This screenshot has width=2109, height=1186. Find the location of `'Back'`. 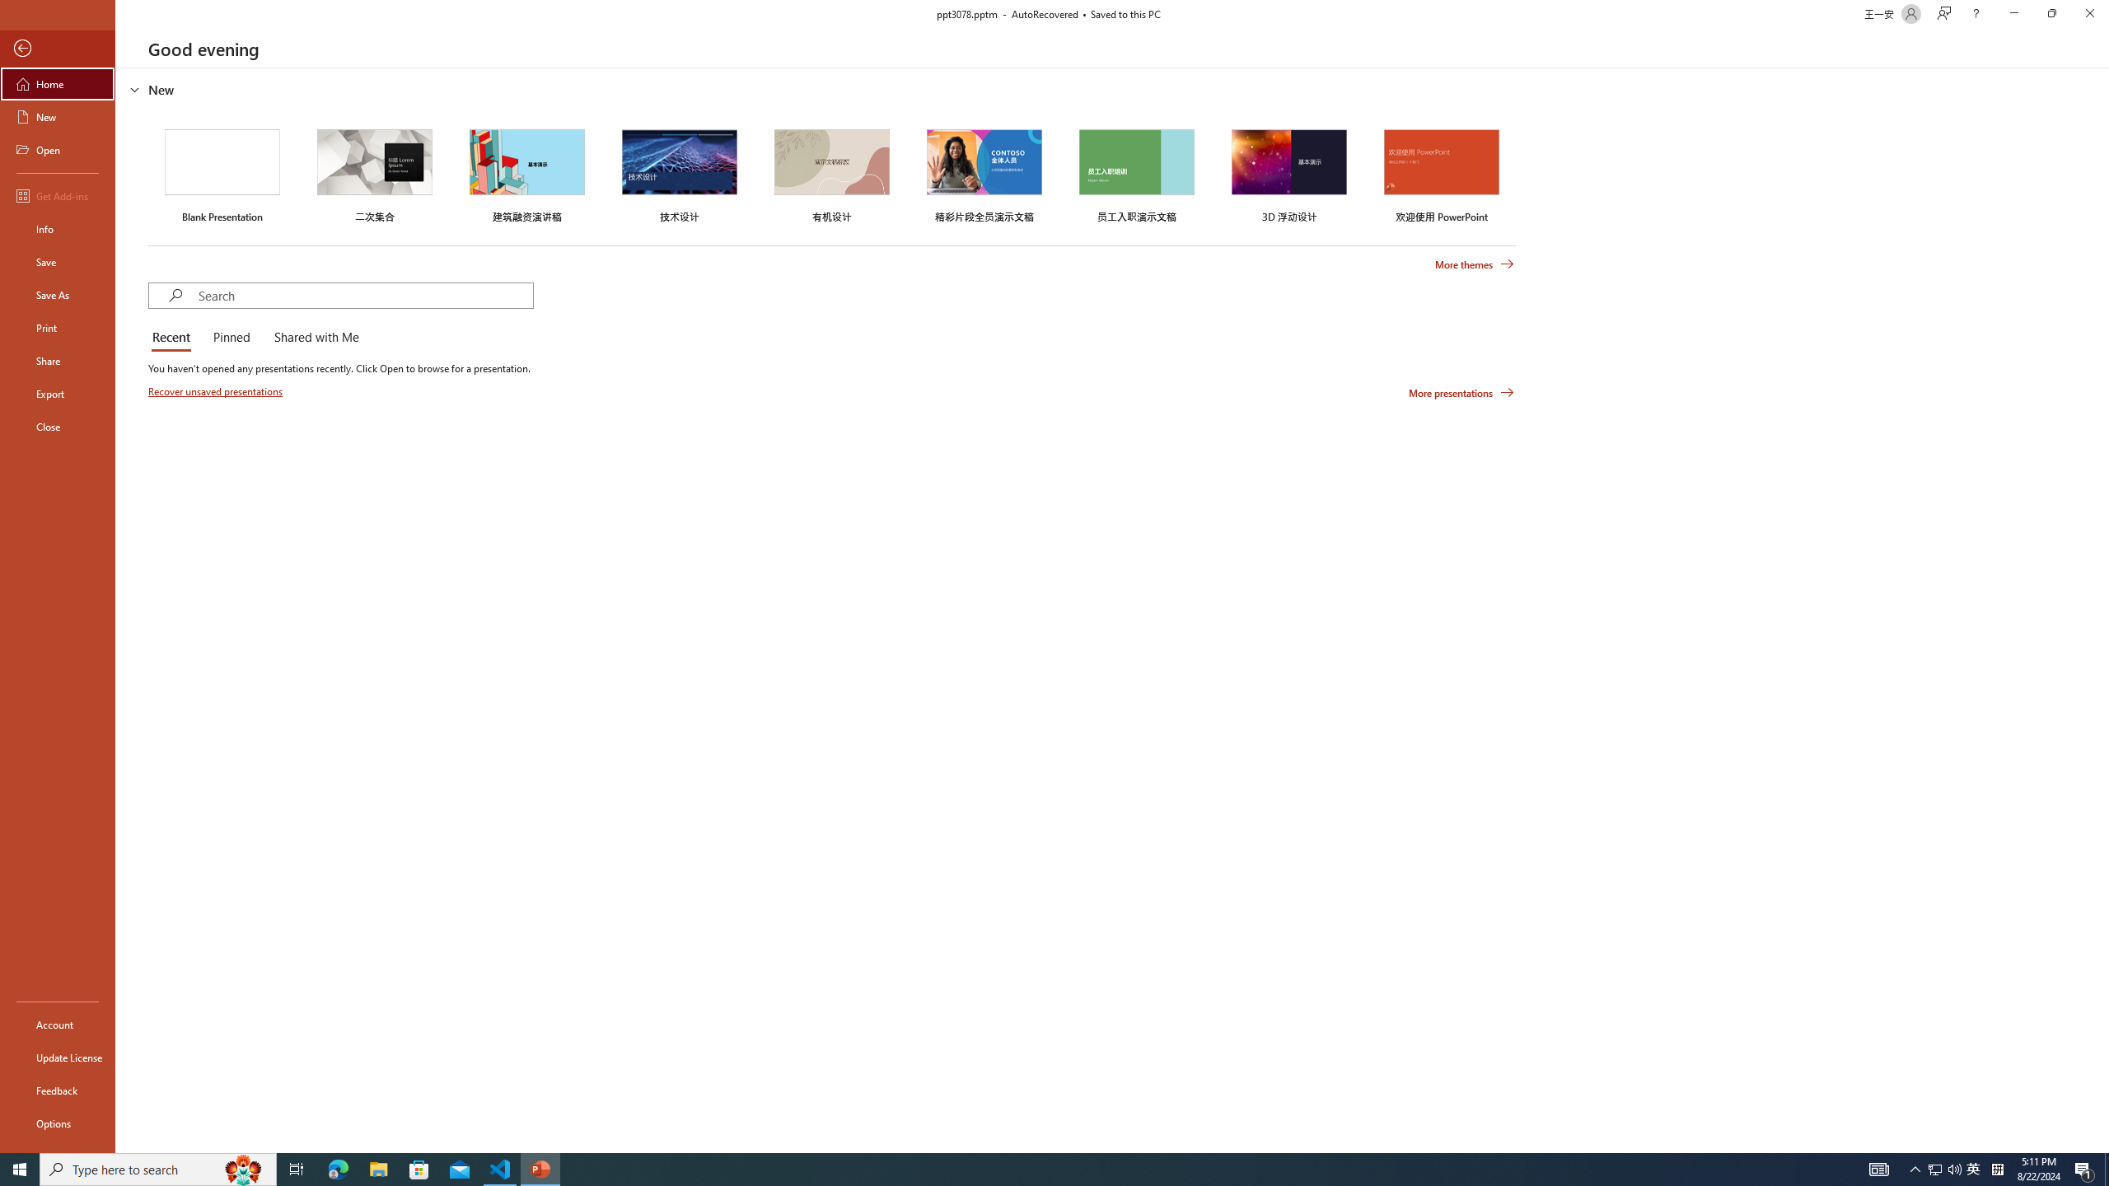

'Back' is located at coordinates (57, 48).